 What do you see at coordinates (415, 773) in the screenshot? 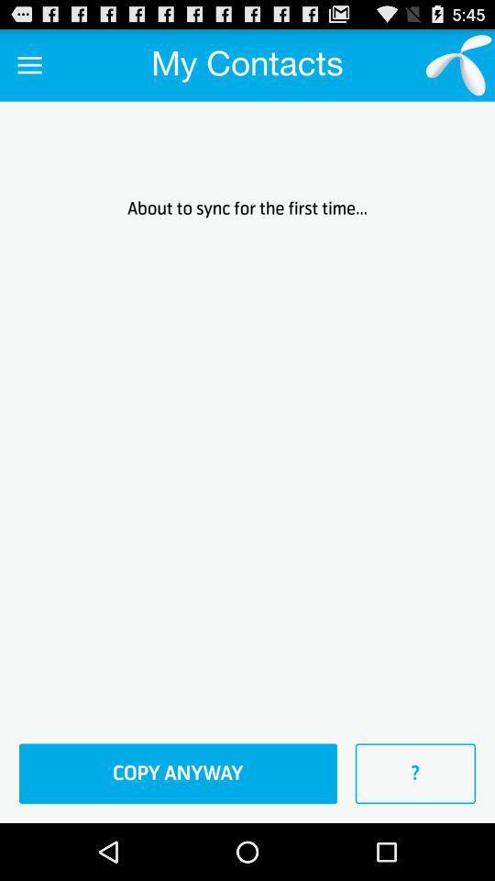
I see `the item next to copy anyway item` at bounding box center [415, 773].